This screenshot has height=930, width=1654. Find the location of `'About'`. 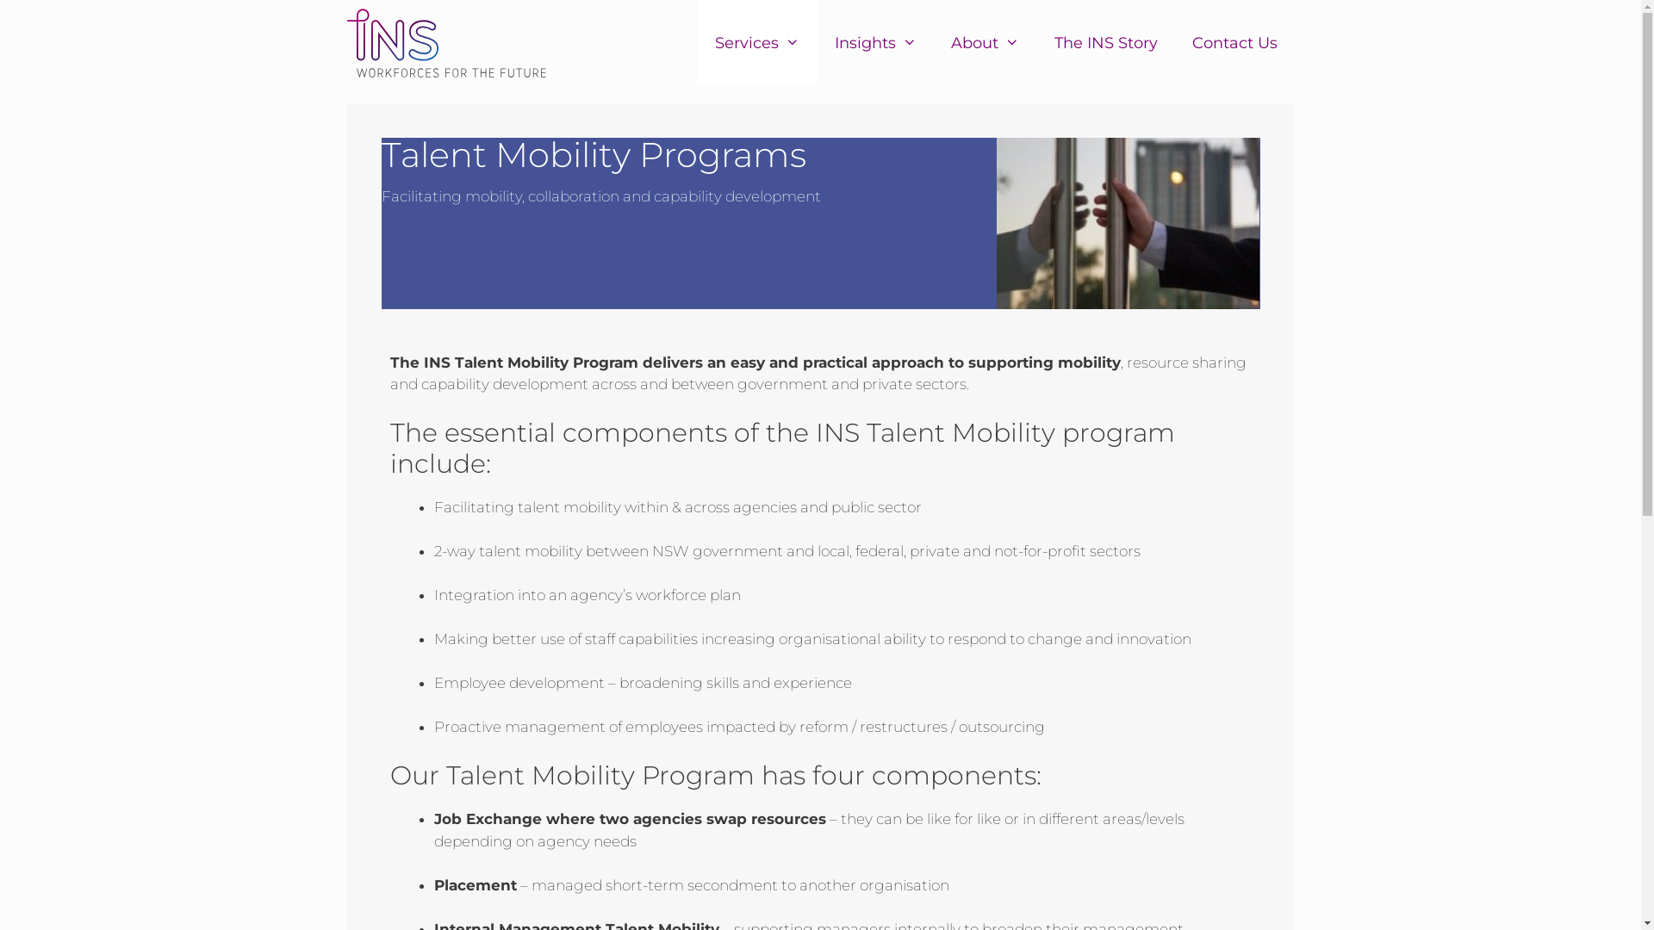

'About' is located at coordinates (985, 42).